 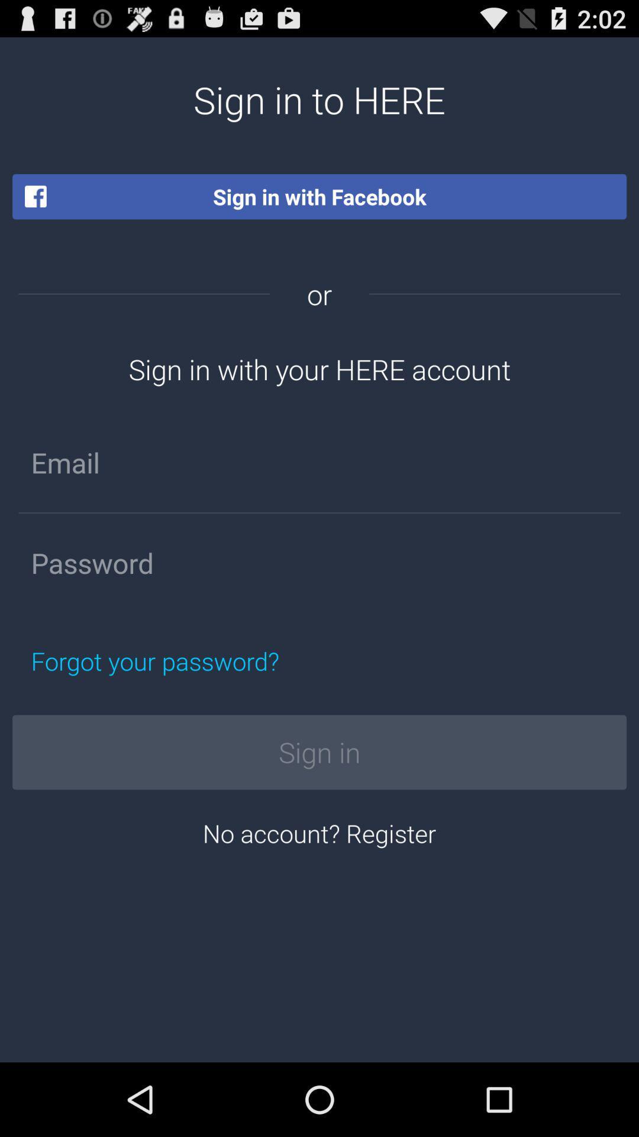 What do you see at coordinates (319, 832) in the screenshot?
I see `item at the bottom` at bounding box center [319, 832].